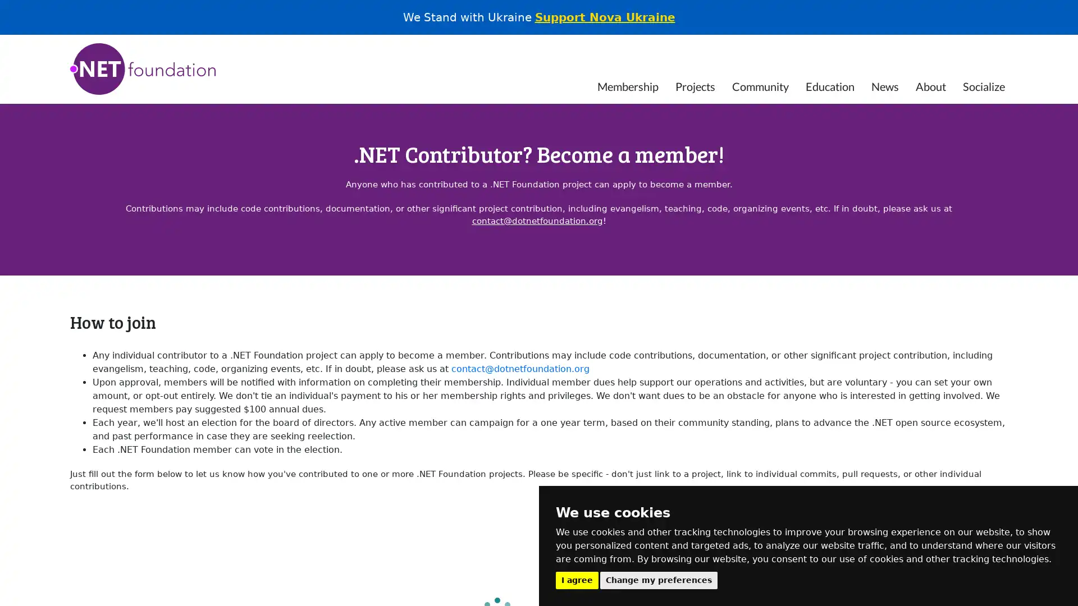 This screenshot has width=1078, height=606. I want to click on Change my preferences, so click(658, 580).